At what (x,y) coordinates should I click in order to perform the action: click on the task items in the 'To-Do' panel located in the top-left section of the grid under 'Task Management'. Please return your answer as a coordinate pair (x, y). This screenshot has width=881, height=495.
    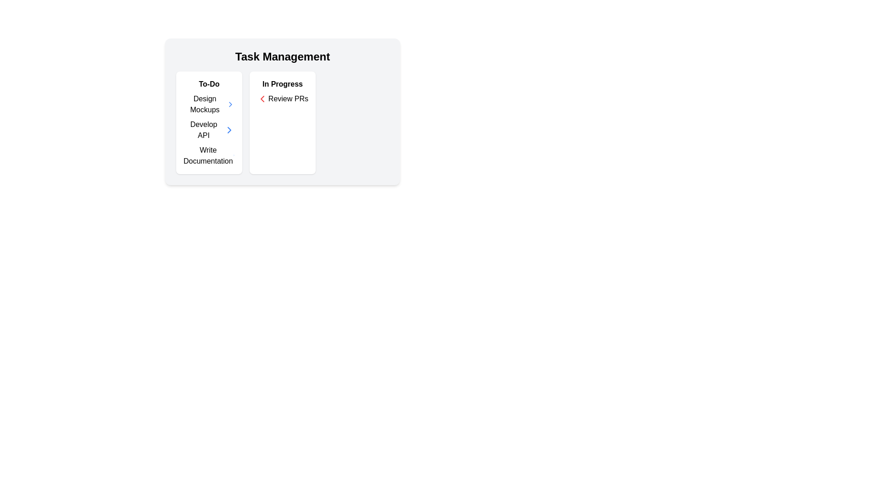
    Looking at the image, I should click on (209, 122).